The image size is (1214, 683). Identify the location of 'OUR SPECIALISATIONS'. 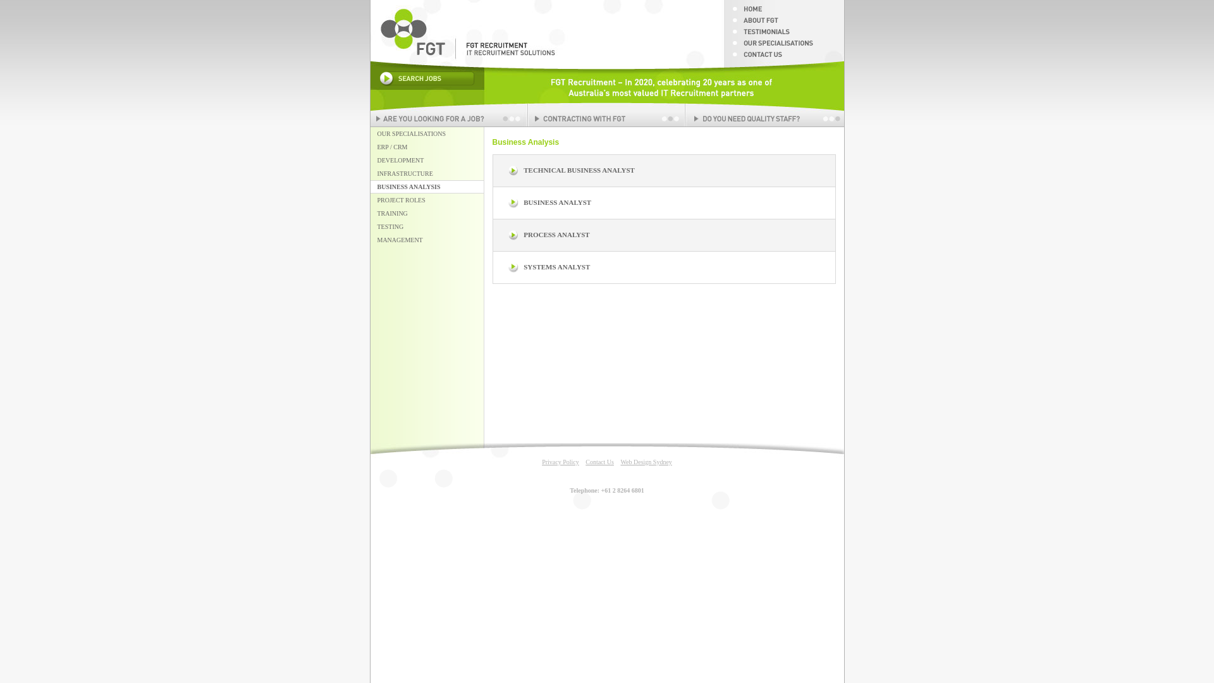
(427, 133).